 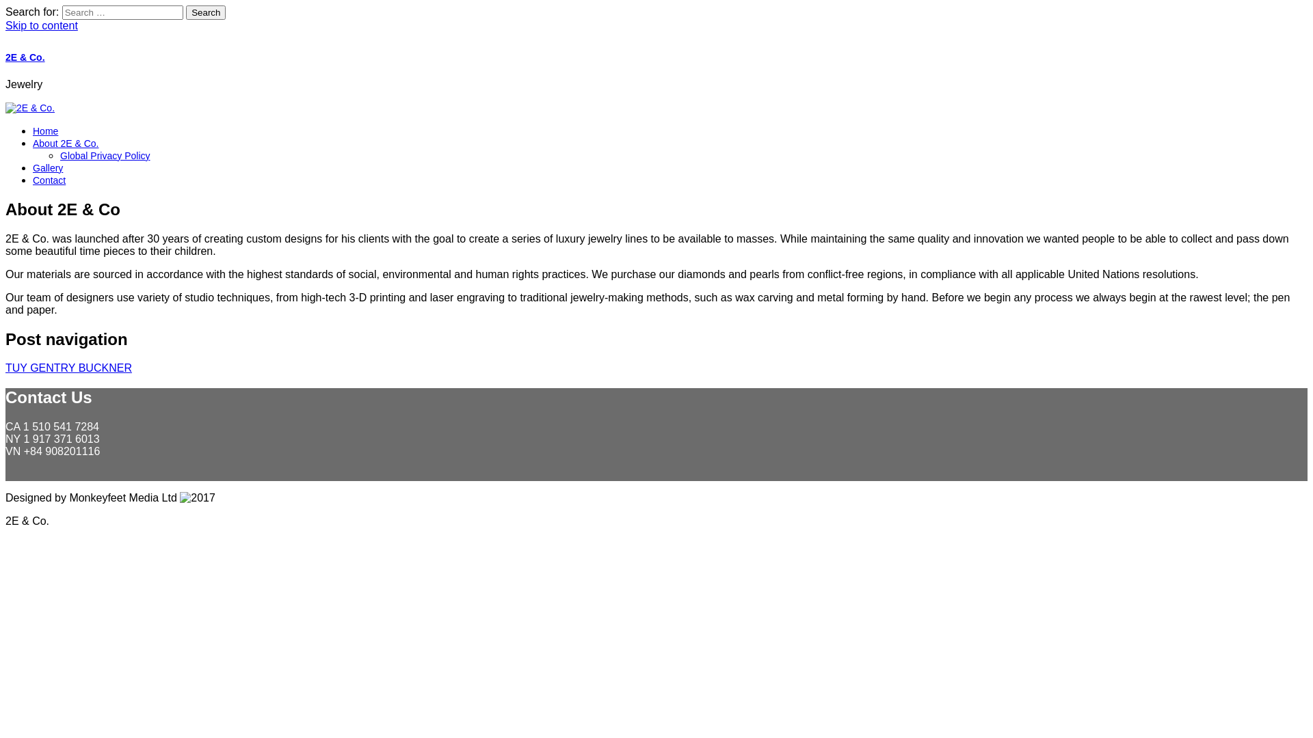 I want to click on 'Search', so click(x=185, y=12).